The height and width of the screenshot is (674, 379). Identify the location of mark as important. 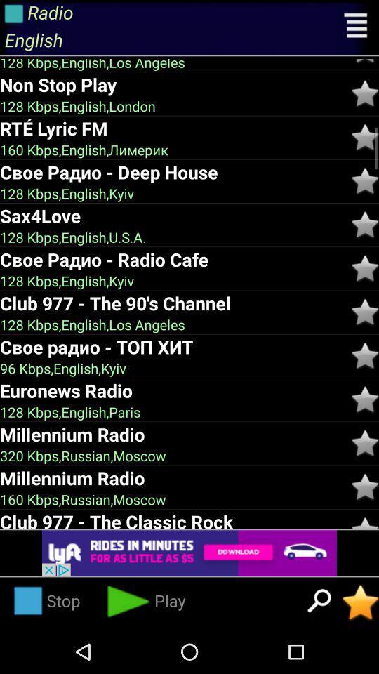
(360, 602).